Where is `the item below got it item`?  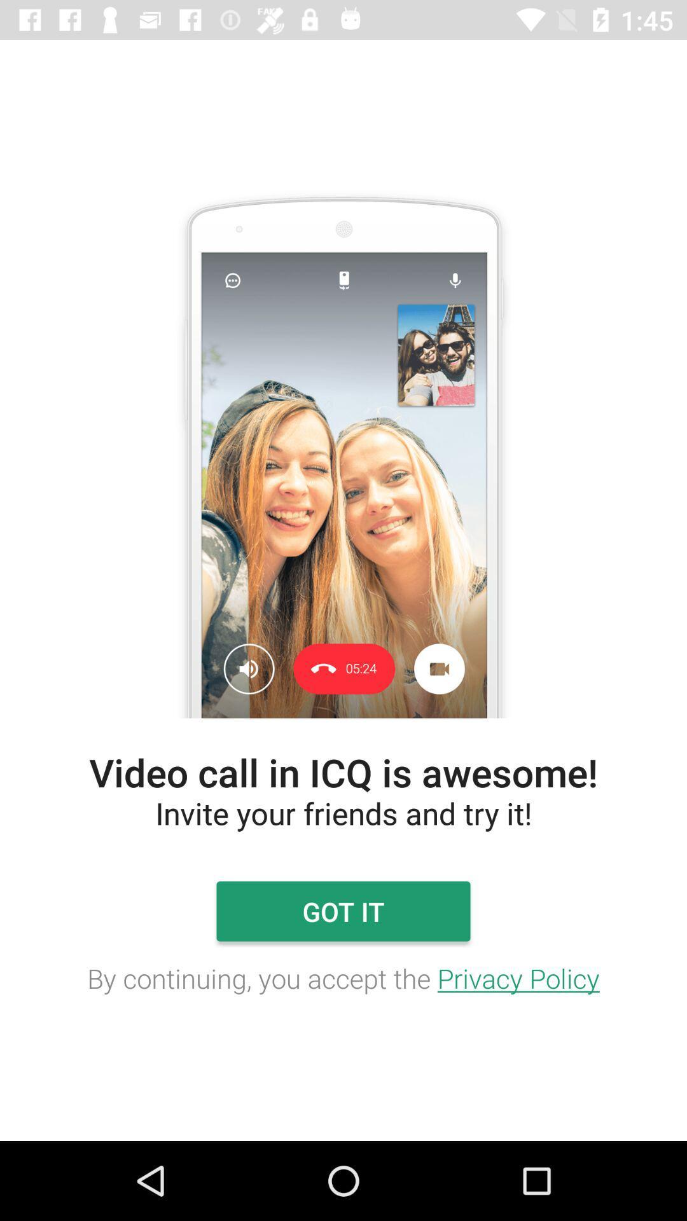 the item below got it item is located at coordinates (343, 977).